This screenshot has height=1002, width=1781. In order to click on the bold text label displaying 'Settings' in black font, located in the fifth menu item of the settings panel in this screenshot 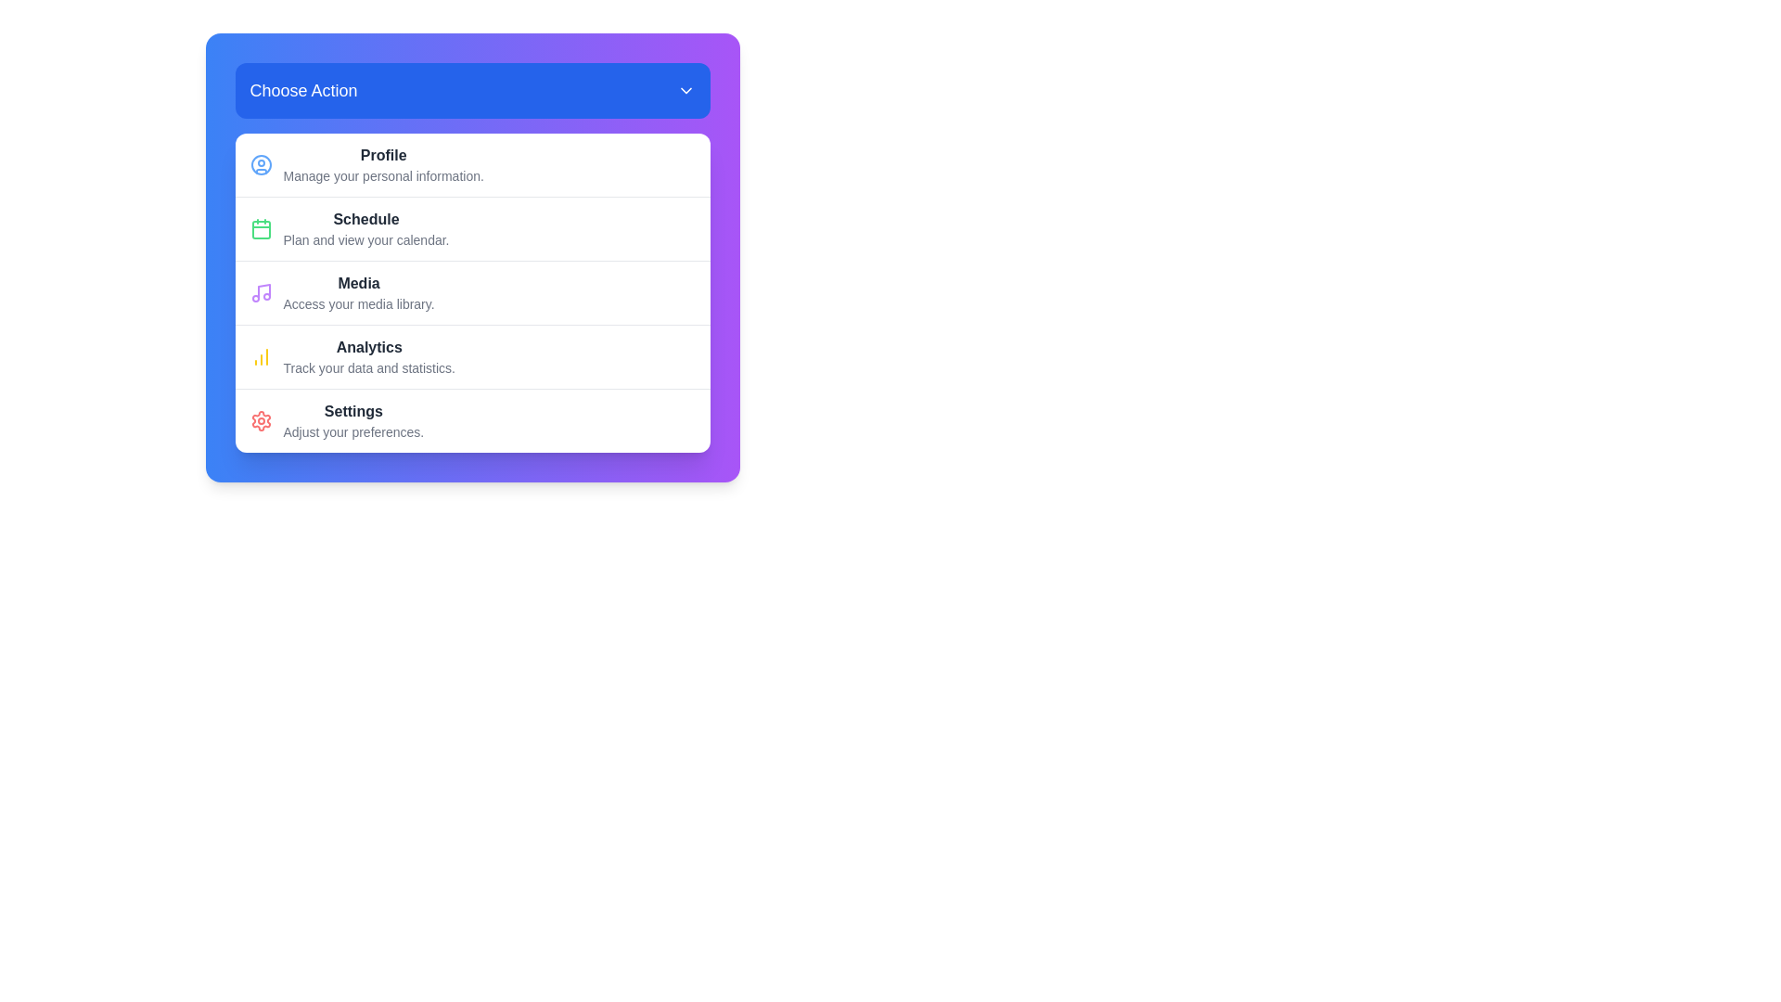, I will do `click(353, 410)`.